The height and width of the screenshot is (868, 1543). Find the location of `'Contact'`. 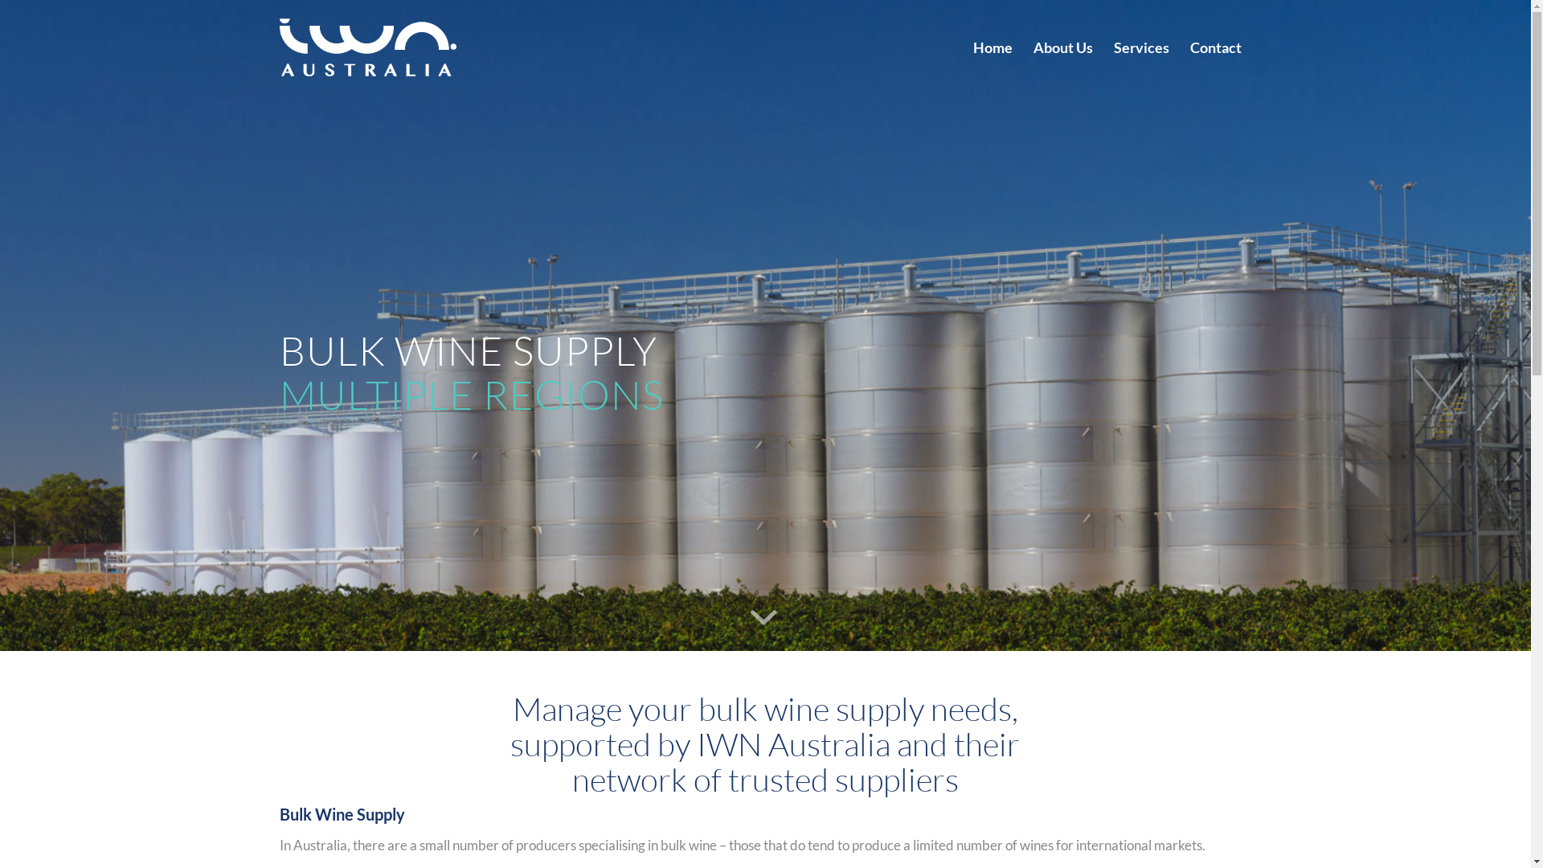

'Contact' is located at coordinates (1215, 46).